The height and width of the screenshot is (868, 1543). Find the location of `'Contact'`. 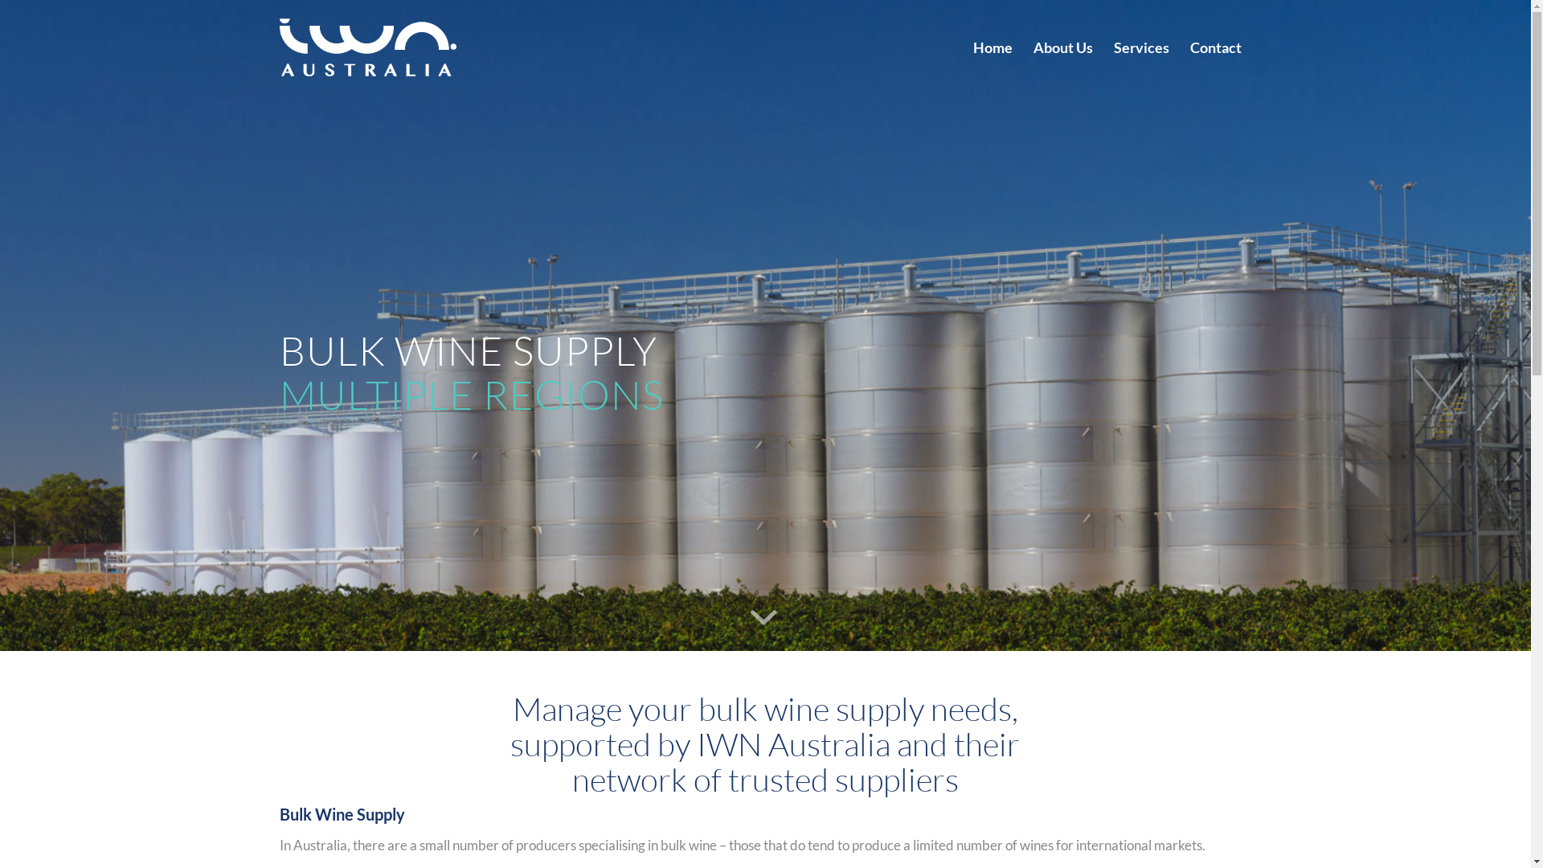

'Contact' is located at coordinates (1215, 46).